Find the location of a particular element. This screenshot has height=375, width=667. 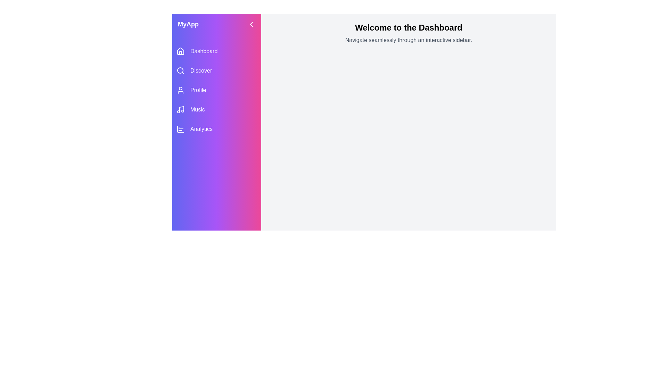

the gradient background to focus on it is located at coordinates (216, 201).